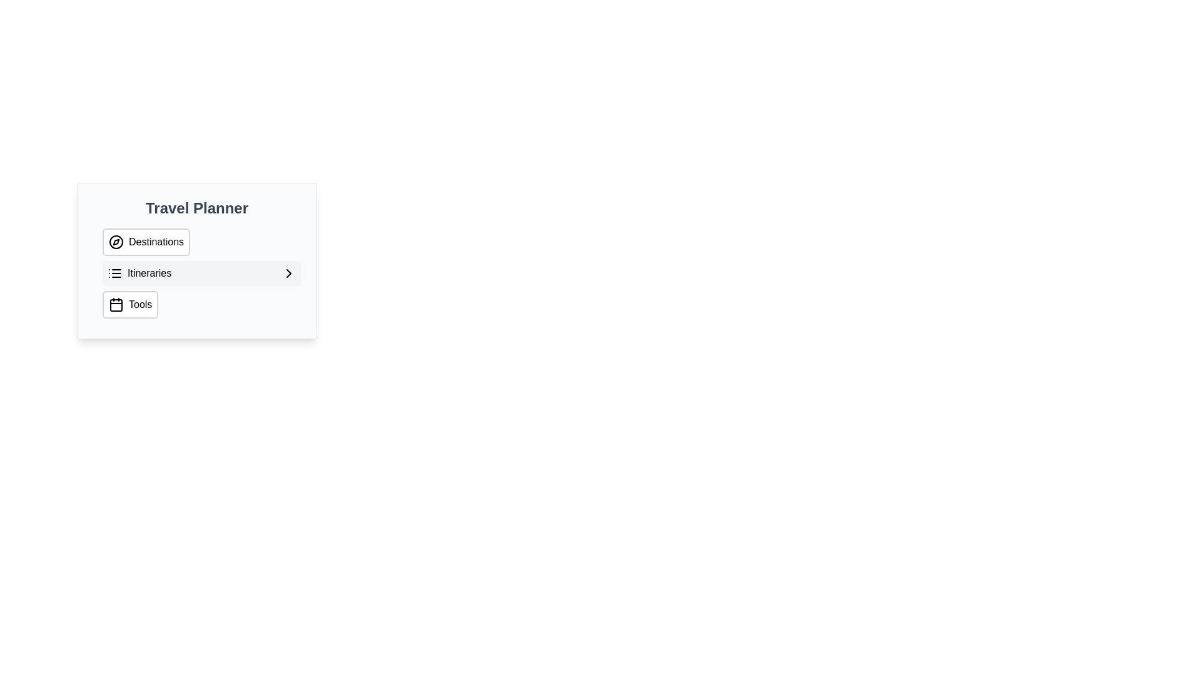  What do you see at coordinates (130, 304) in the screenshot?
I see `the third button under the 'Travel Planner' header to change its border color` at bounding box center [130, 304].